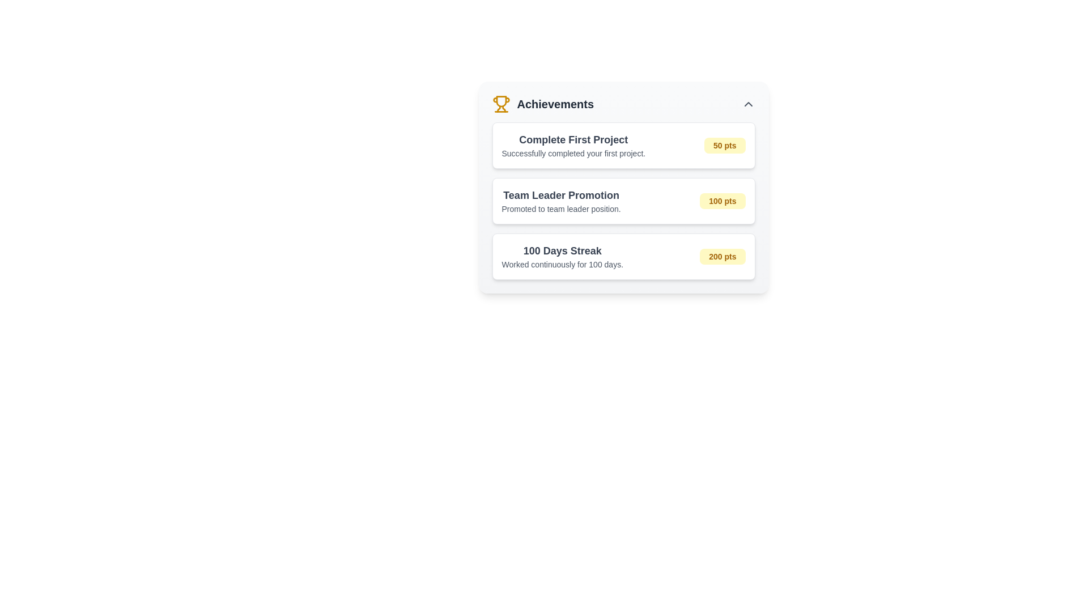  What do you see at coordinates (562, 256) in the screenshot?
I see `the informational textual label indicating an achievement of continuous work for 100 days, which is located in the third position of a vertically arranged list within a card layout` at bounding box center [562, 256].